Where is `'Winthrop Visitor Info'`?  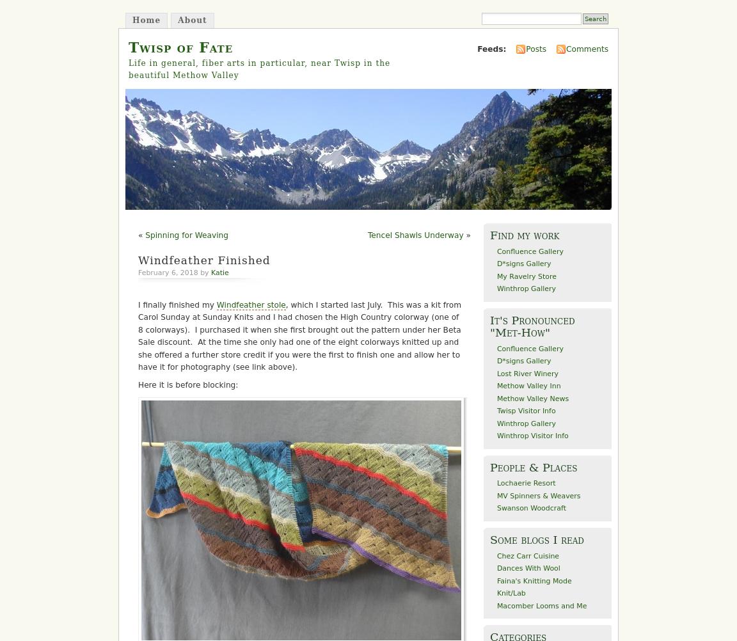 'Winthrop Visitor Info' is located at coordinates (532, 436).